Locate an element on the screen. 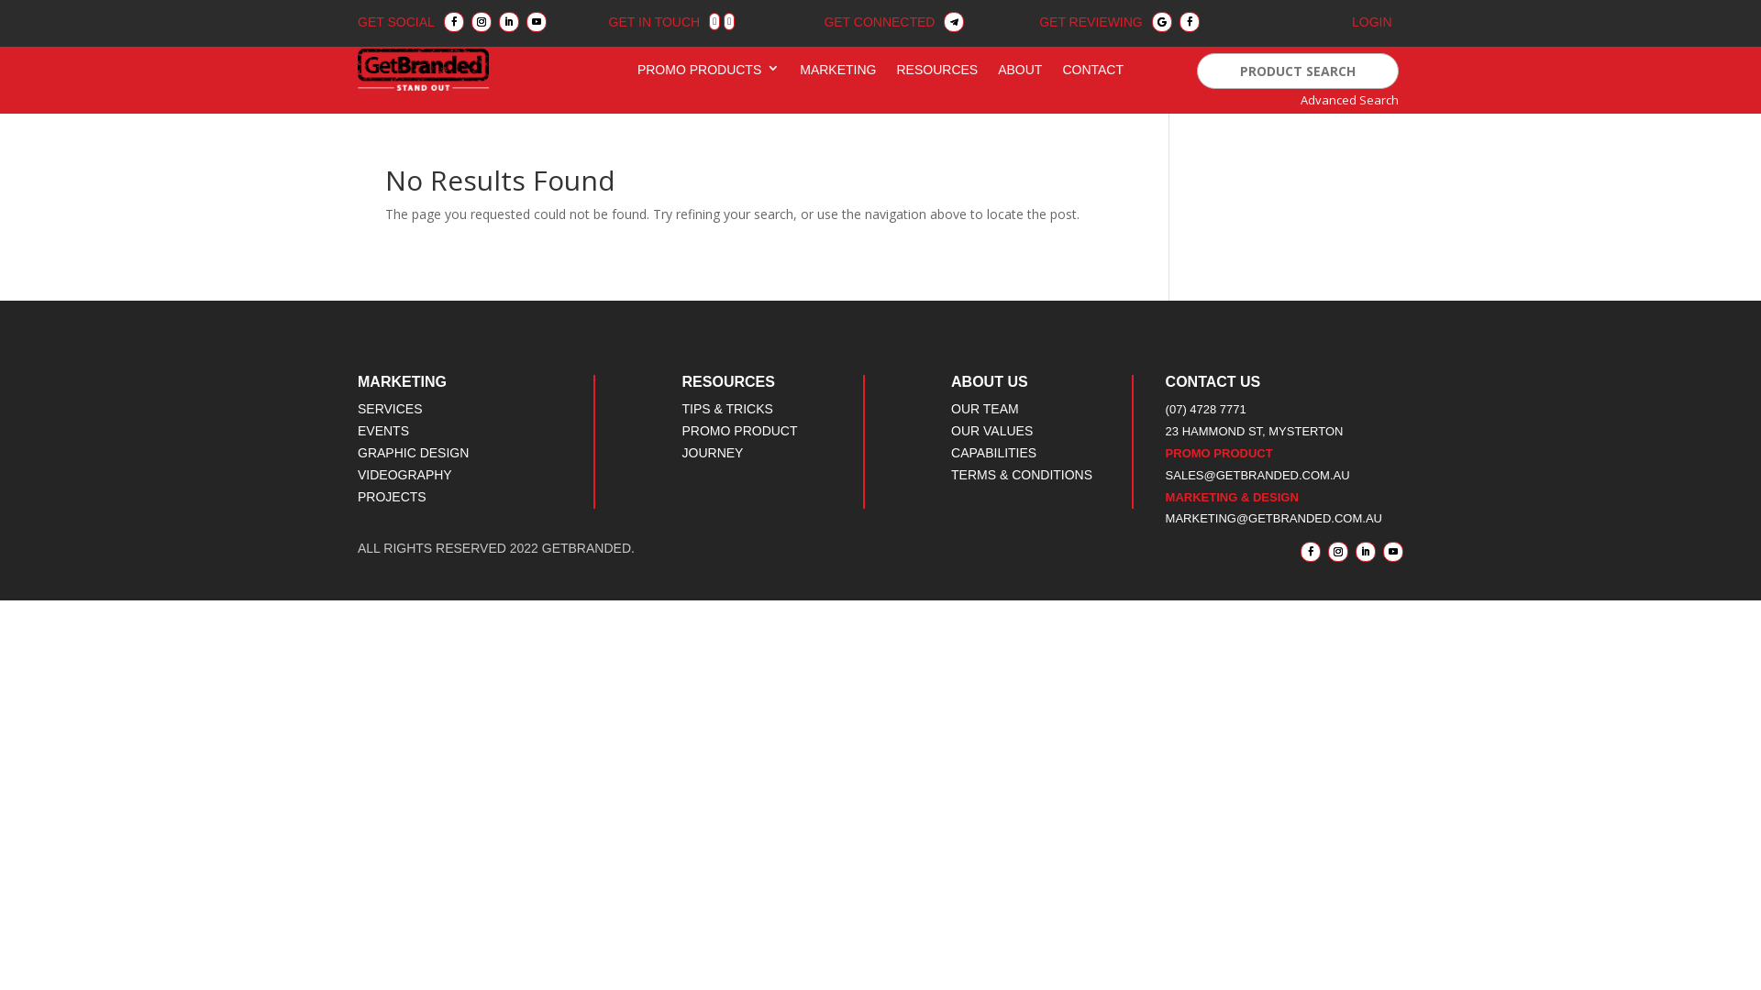 This screenshot has width=1761, height=990. 'TIPS & TRICKS' is located at coordinates (726, 408).